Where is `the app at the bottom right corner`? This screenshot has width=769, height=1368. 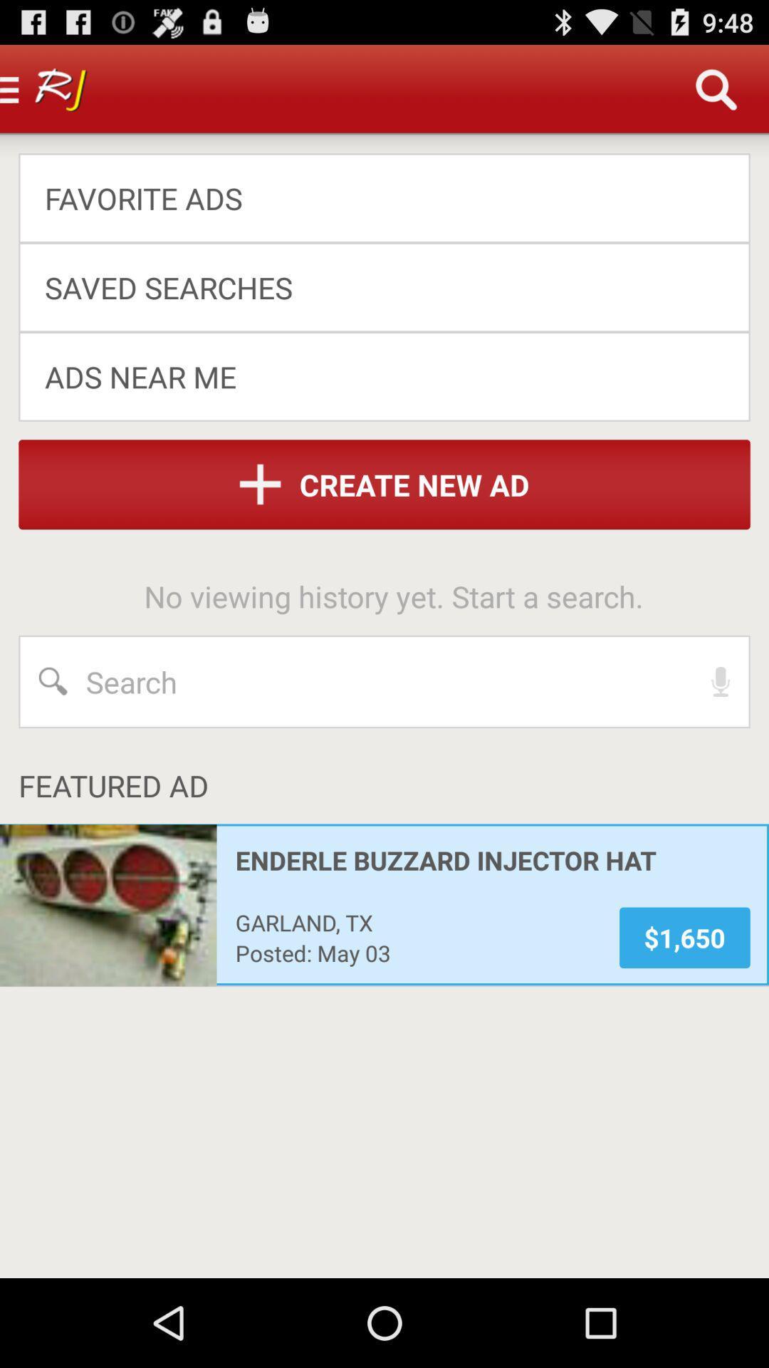
the app at the bottom right corner is located at coordinates (684, 938).